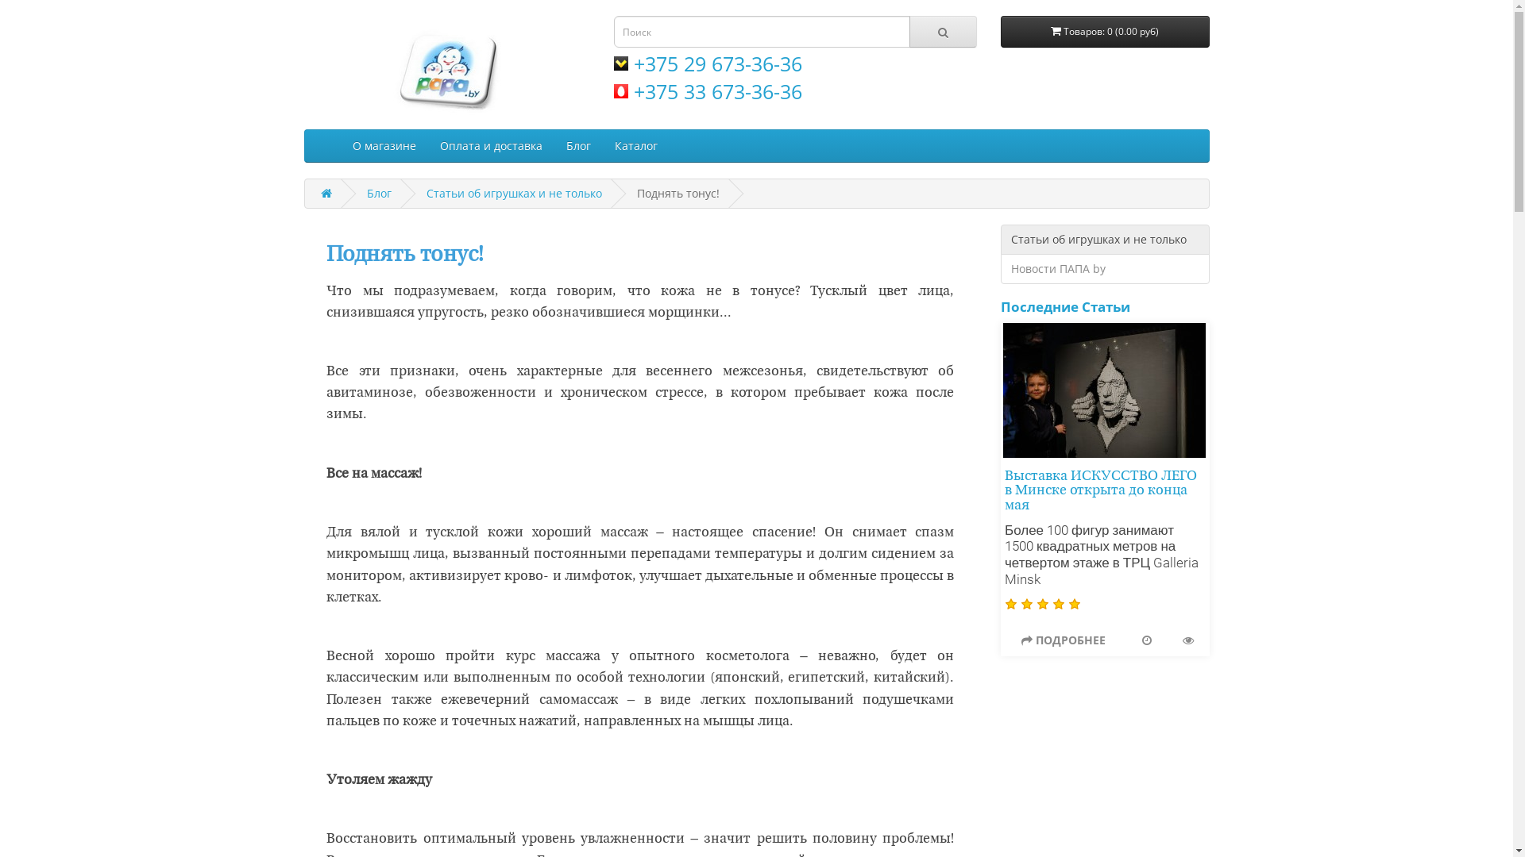 The height and width of the screenshot is (857, 1525). Describe the element at coordinates (706, 63) in the screenshot. I see `'+375 29 673-36-36'` at that location.